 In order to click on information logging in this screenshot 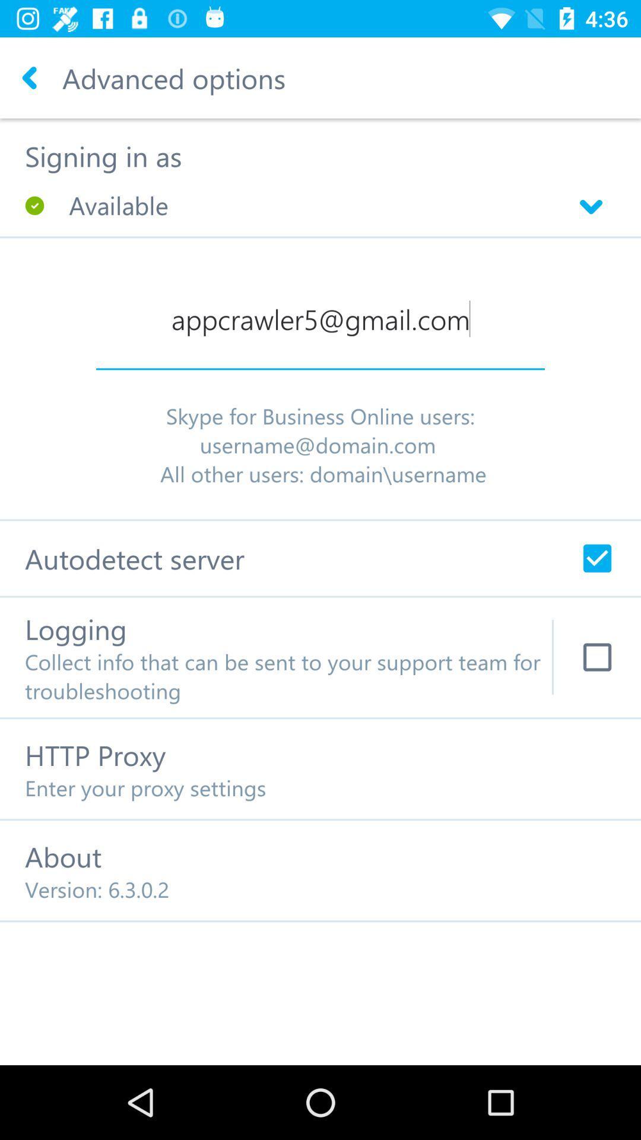, I will do `click(597, 657)`.